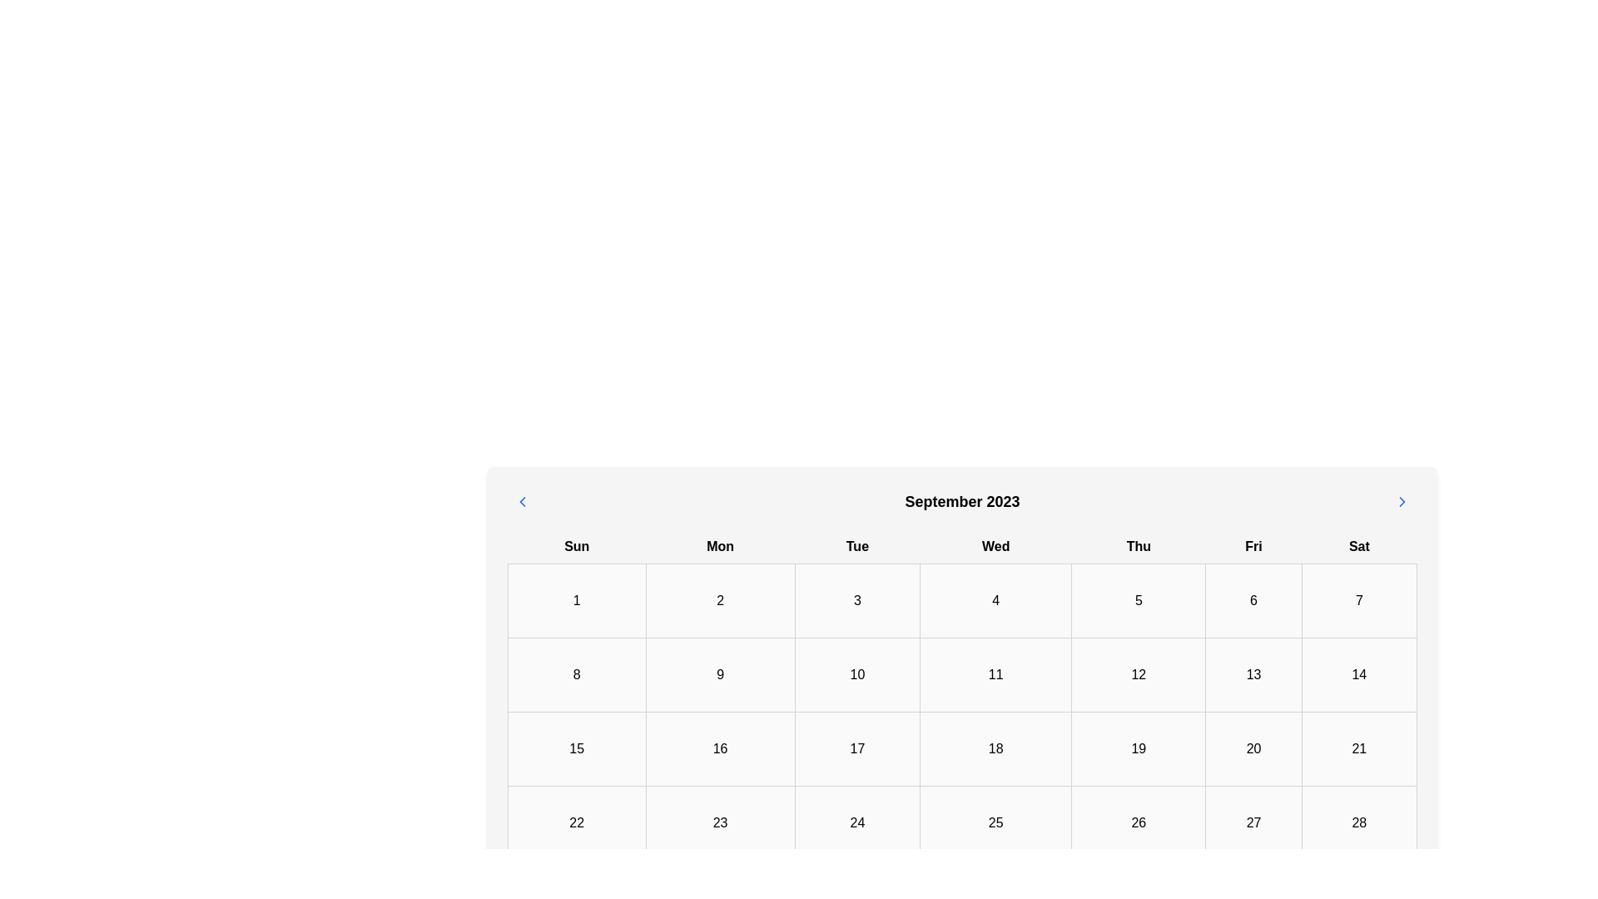 The width and height of the screenshot is (1598, 899). I want to click on the 4th day cell in the calendar view, so click(995, 600).